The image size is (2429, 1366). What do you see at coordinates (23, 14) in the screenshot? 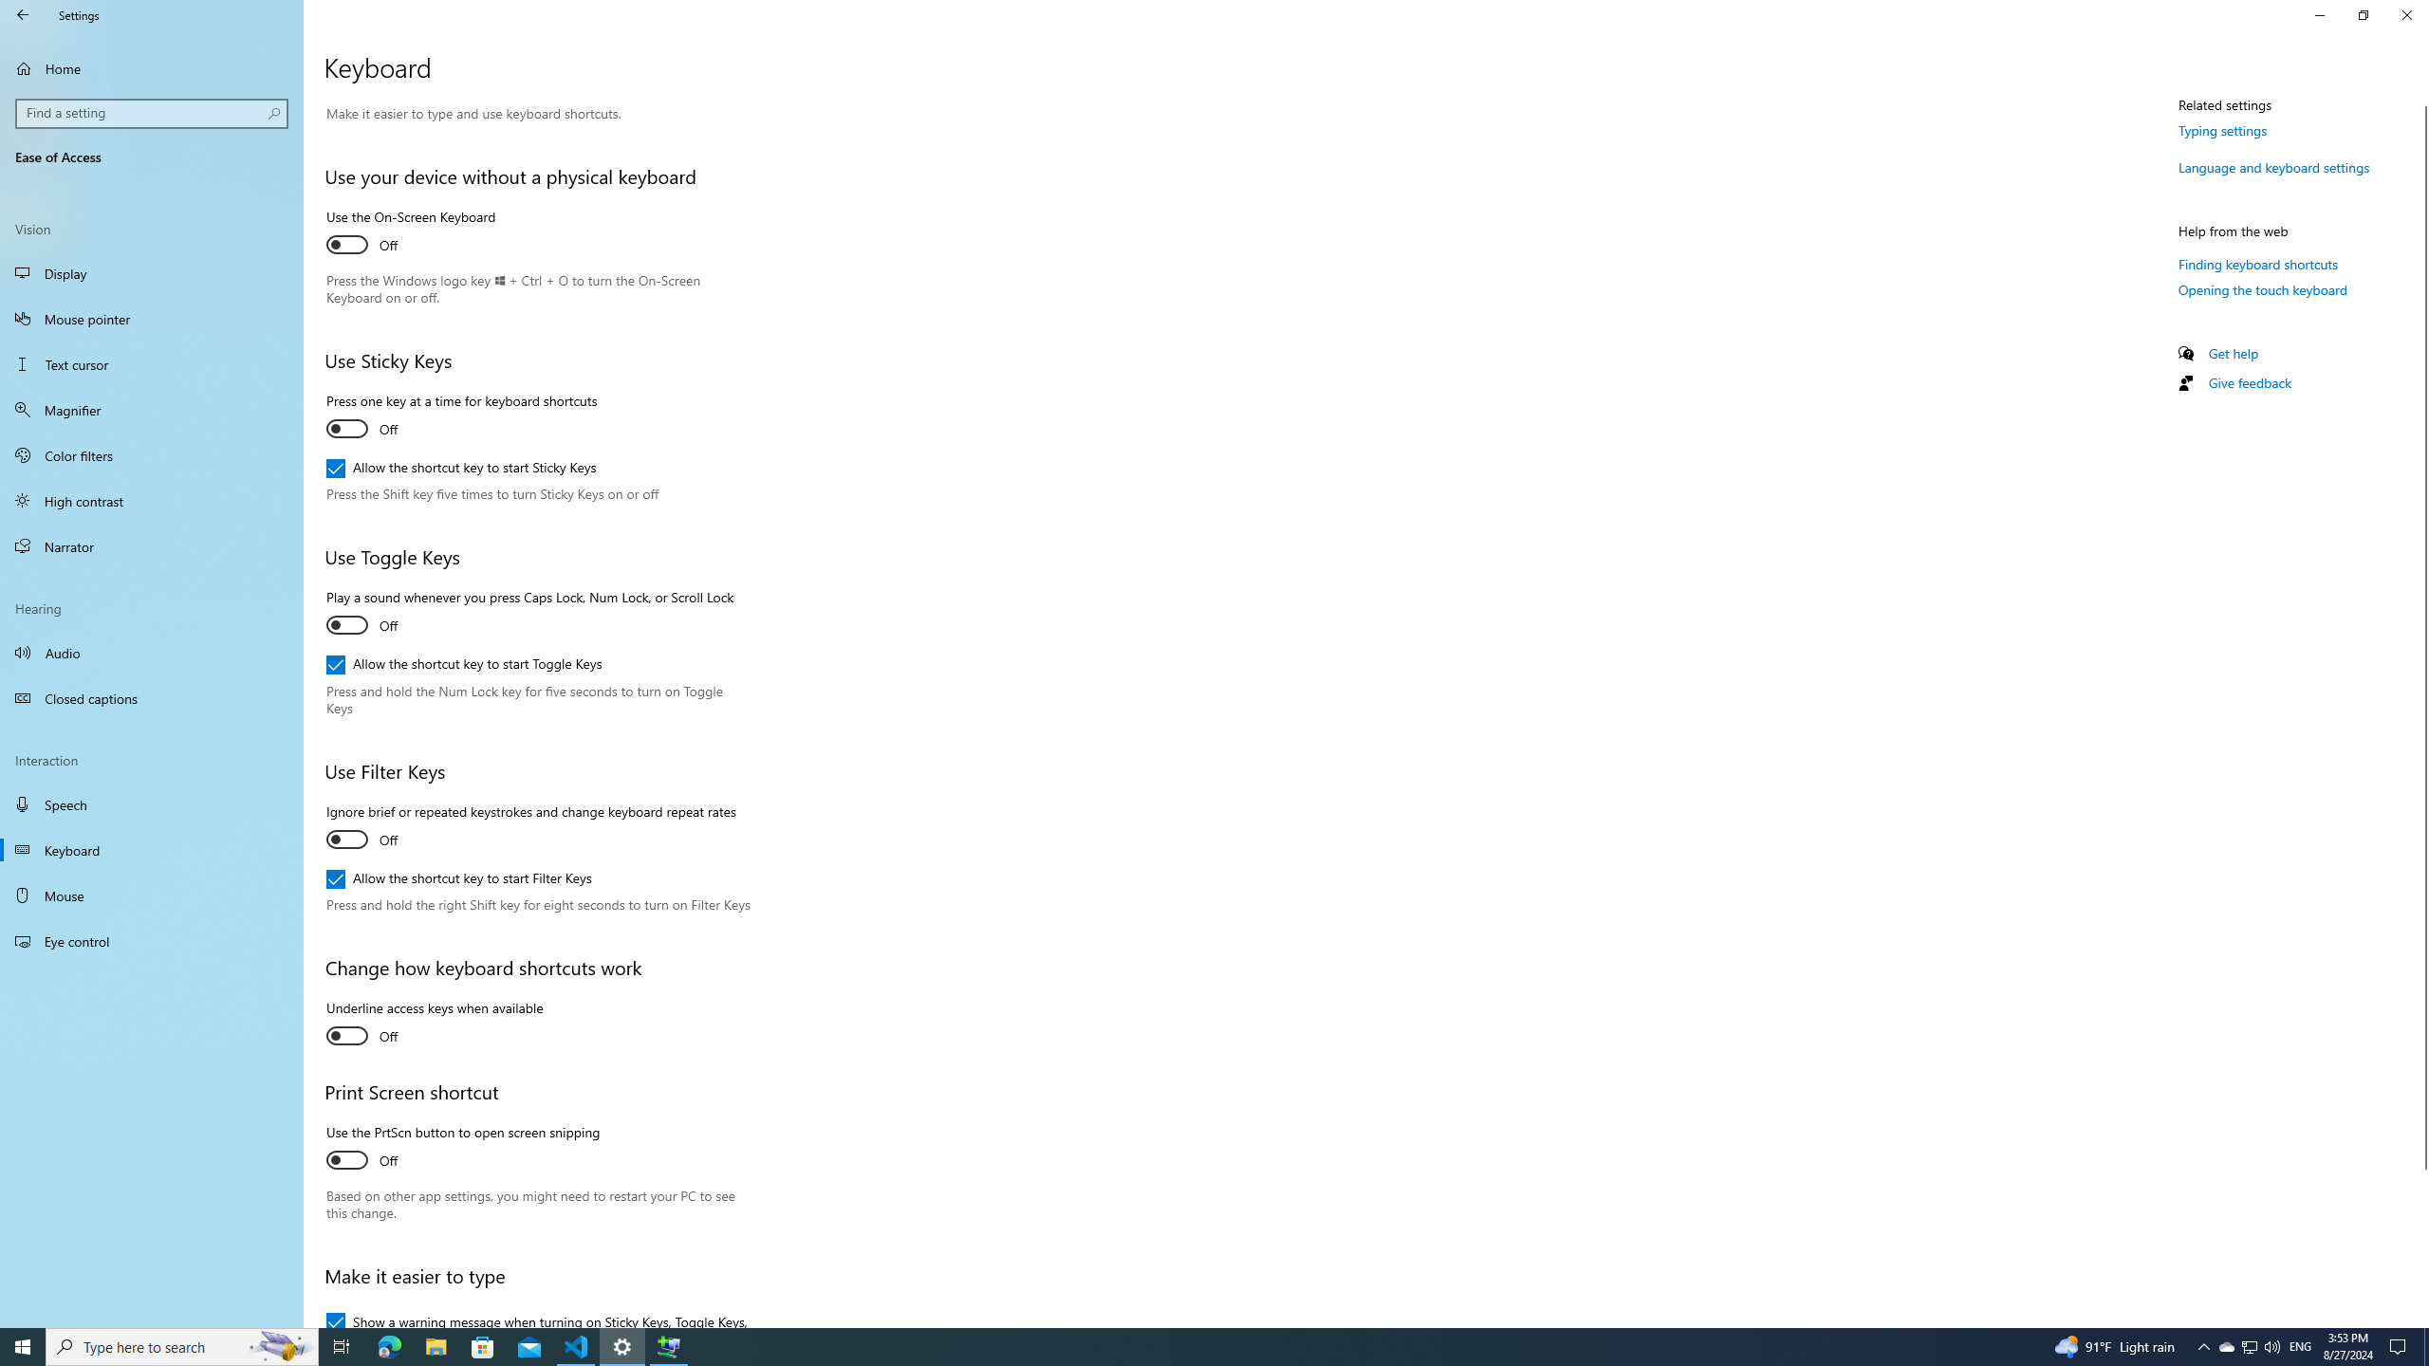
I see `'Back'` at bounding box center [23, 14].